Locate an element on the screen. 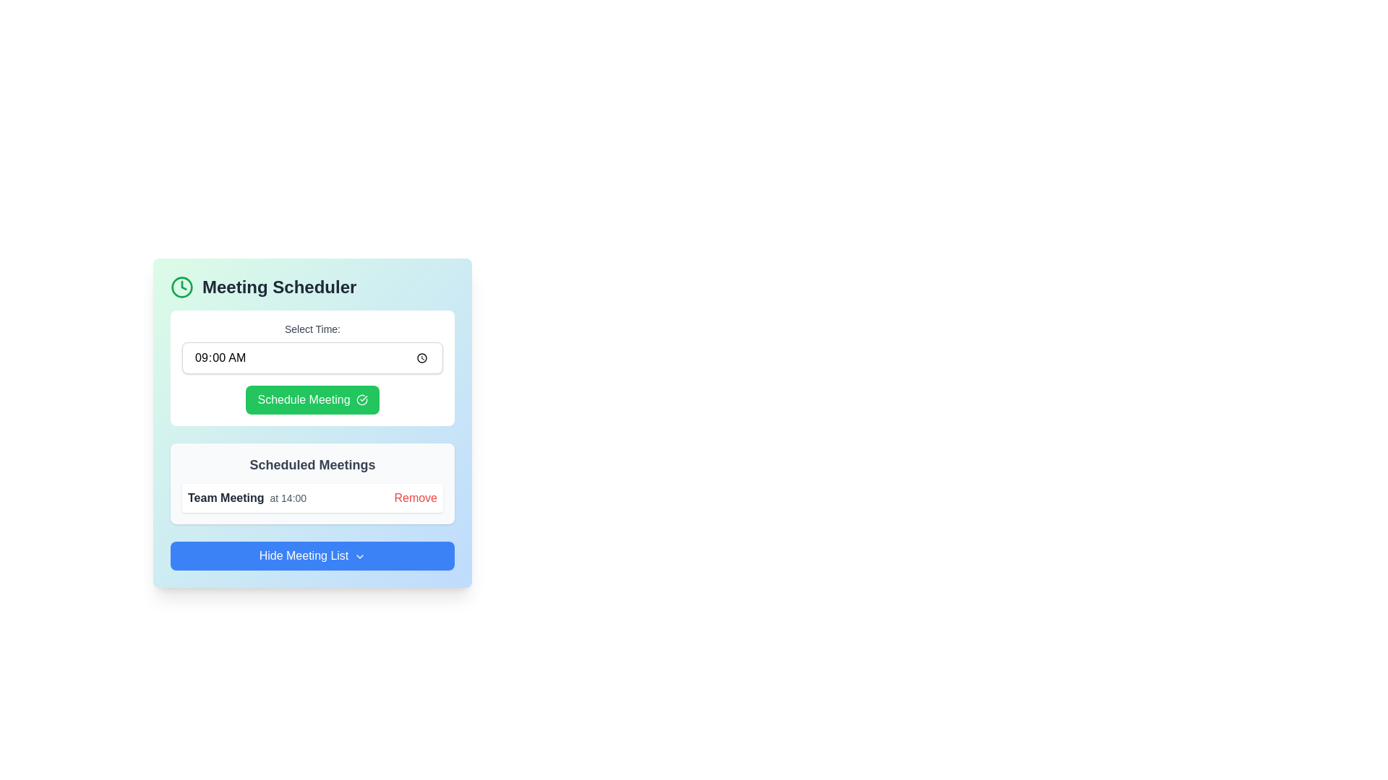 This screenshot has height=780, width=1388. text displayed in the Text label located in the 'Scheduled Meetings' section, which provides details of a scheduled meeting, including its title and time, positioned to the left of the red 'Remove' button is located at coordinates (247, 498).